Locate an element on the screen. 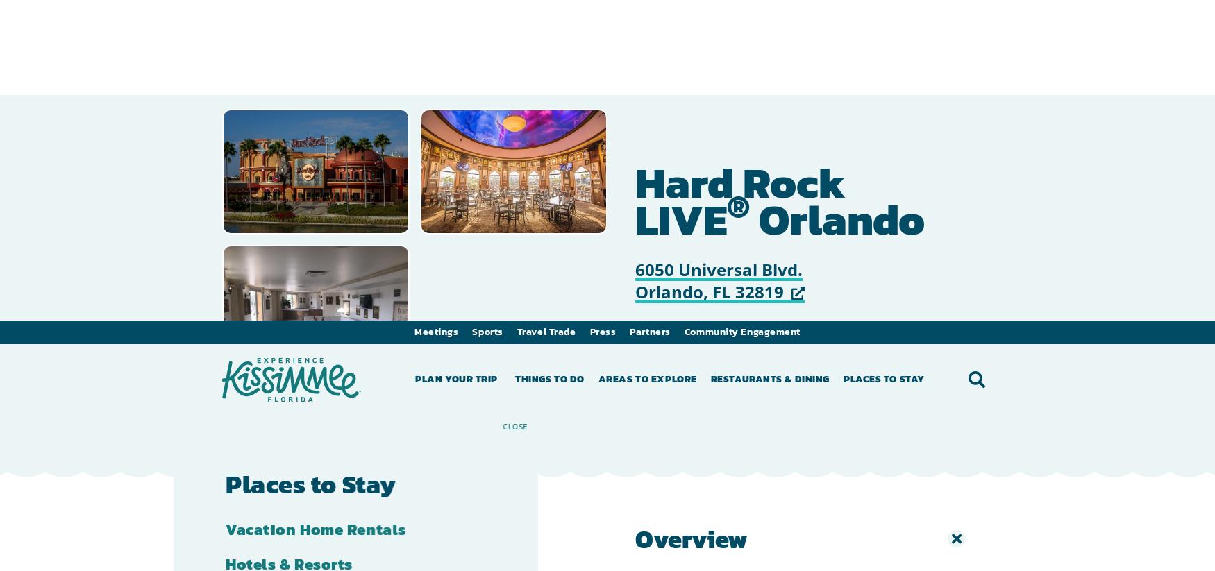 This screenshot has height=571, width=1215. 'Restaurants & Dining' is located at coordinates (710, 58).